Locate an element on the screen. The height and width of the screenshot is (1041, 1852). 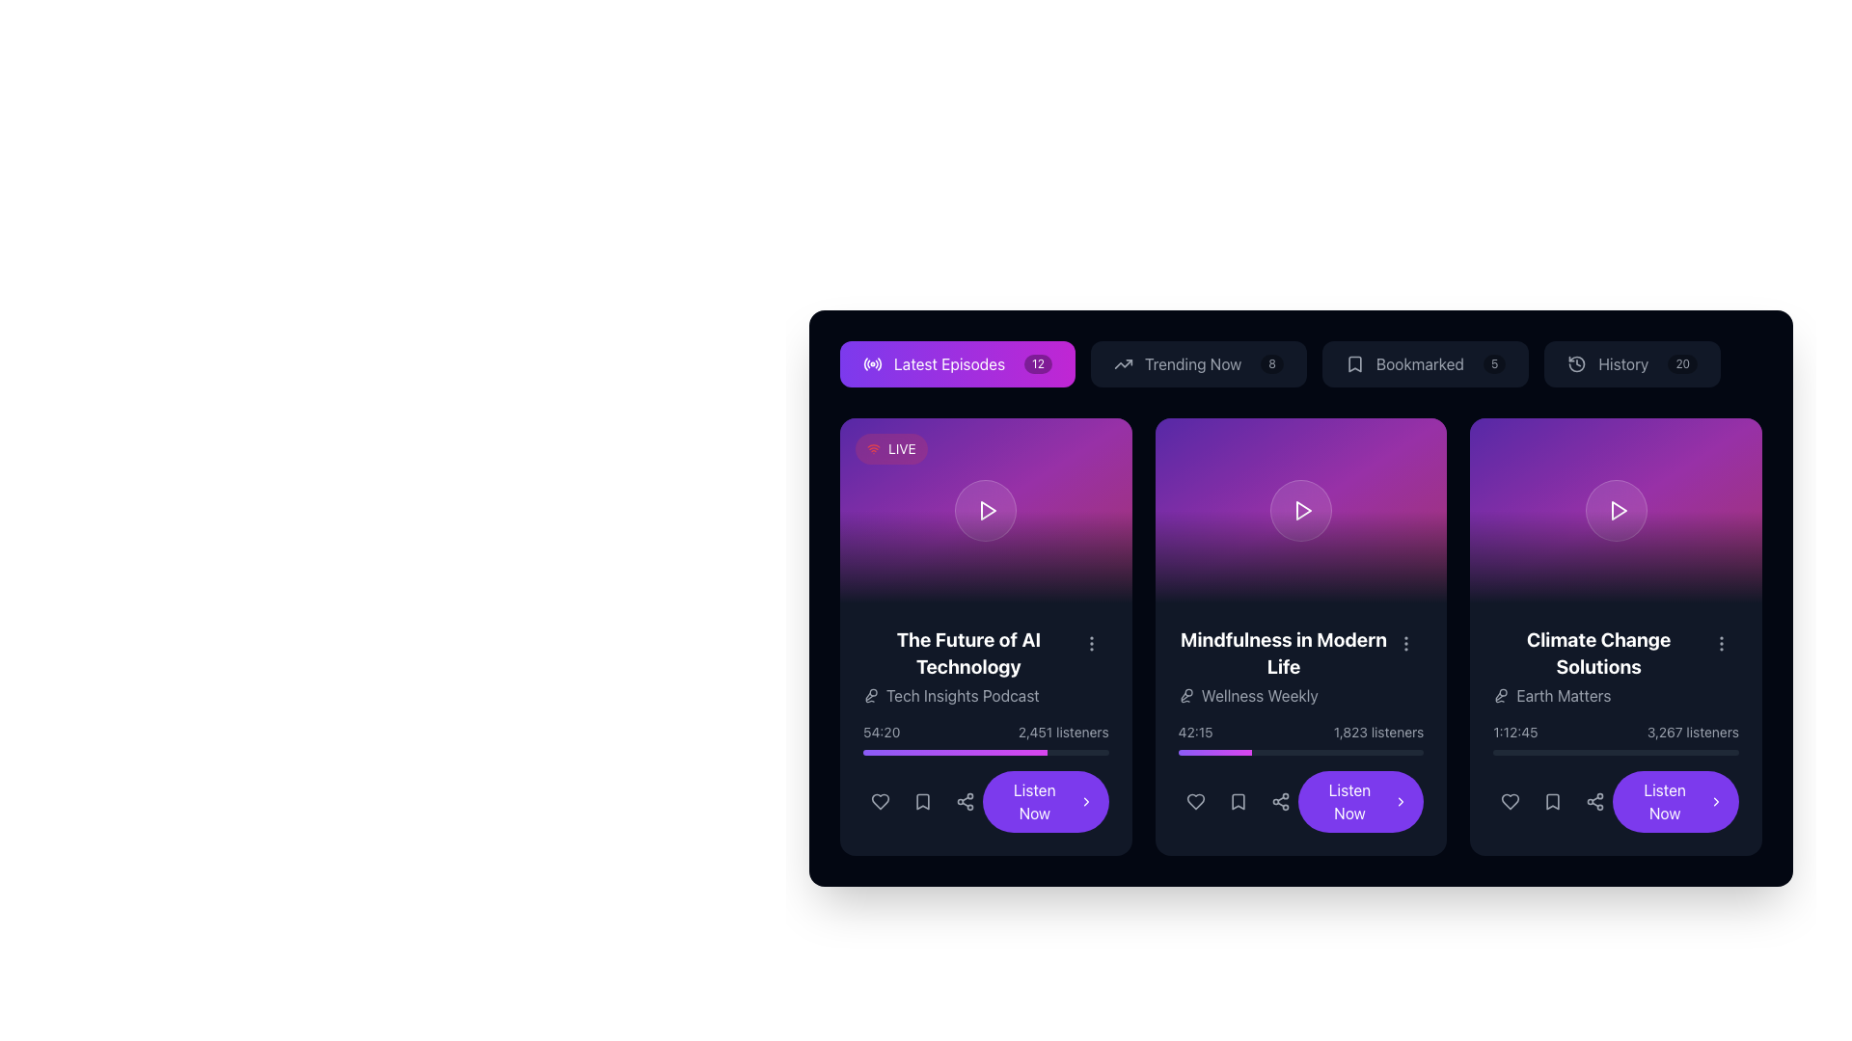
the Icon Button located in the top-right corner of the 'Climate Change Solutions' card is located at coordinates (1722, 643).